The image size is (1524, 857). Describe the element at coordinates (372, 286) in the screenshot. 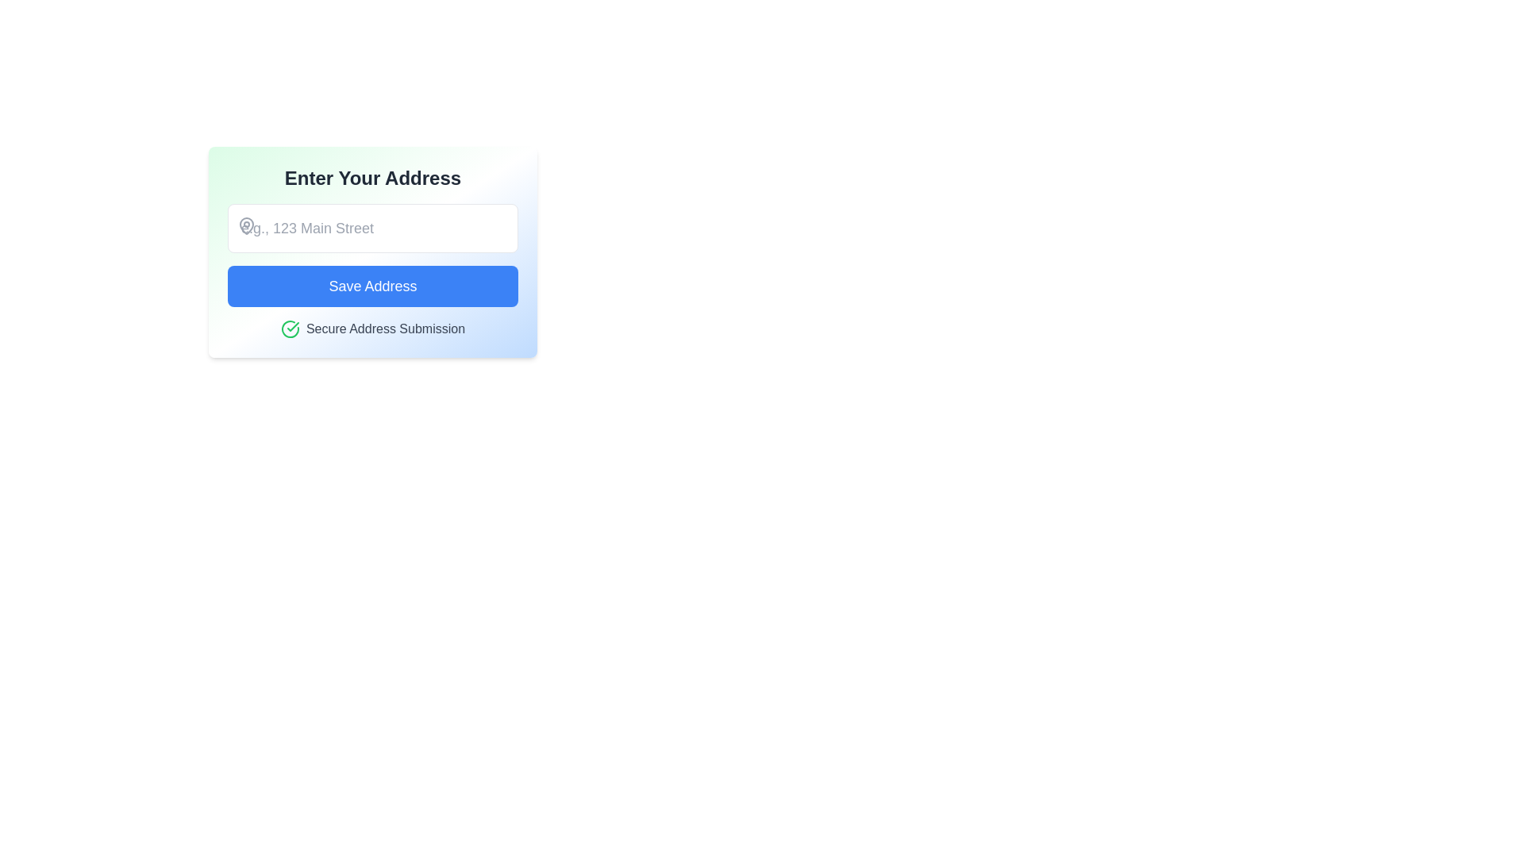

I see `the 'Save Address' button, which is a rectangular button with a blue background and white text` at that location.